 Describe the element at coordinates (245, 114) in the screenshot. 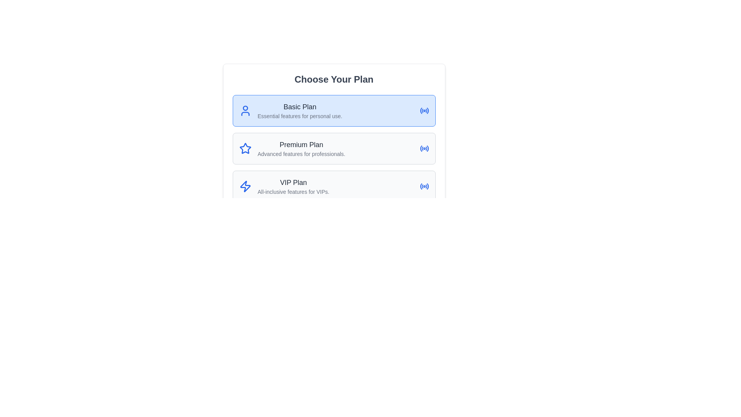

I see `the body section of the 'Basic Plan' SVG icon, which is depicted as a simple outline below the head` at that location.